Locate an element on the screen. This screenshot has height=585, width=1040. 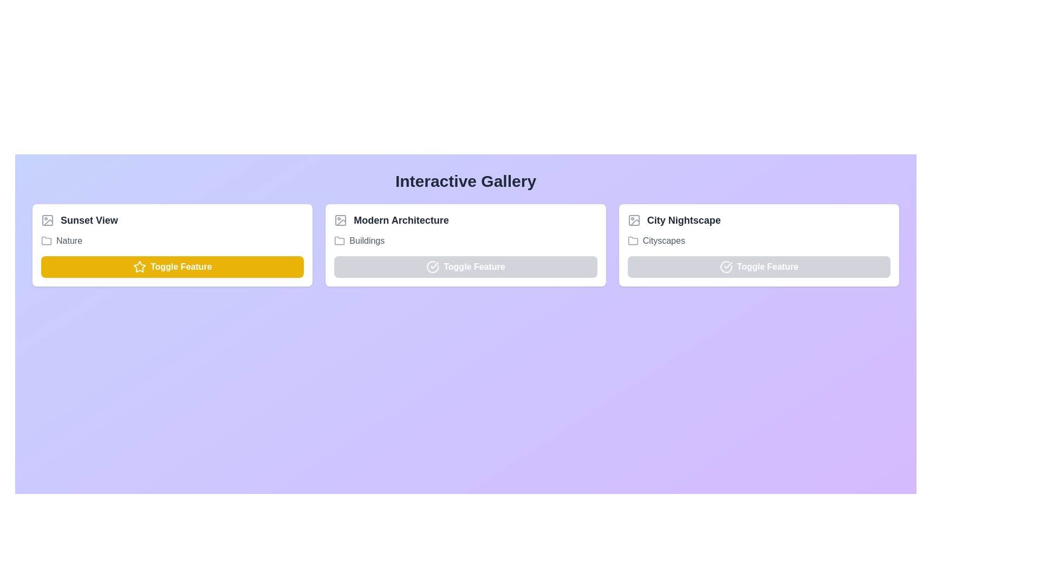
the circular icon with a check mark inside, which is part of the 'Toggle Feature' button in the 'City Nightscape' card is located at coordinates (726, 267).